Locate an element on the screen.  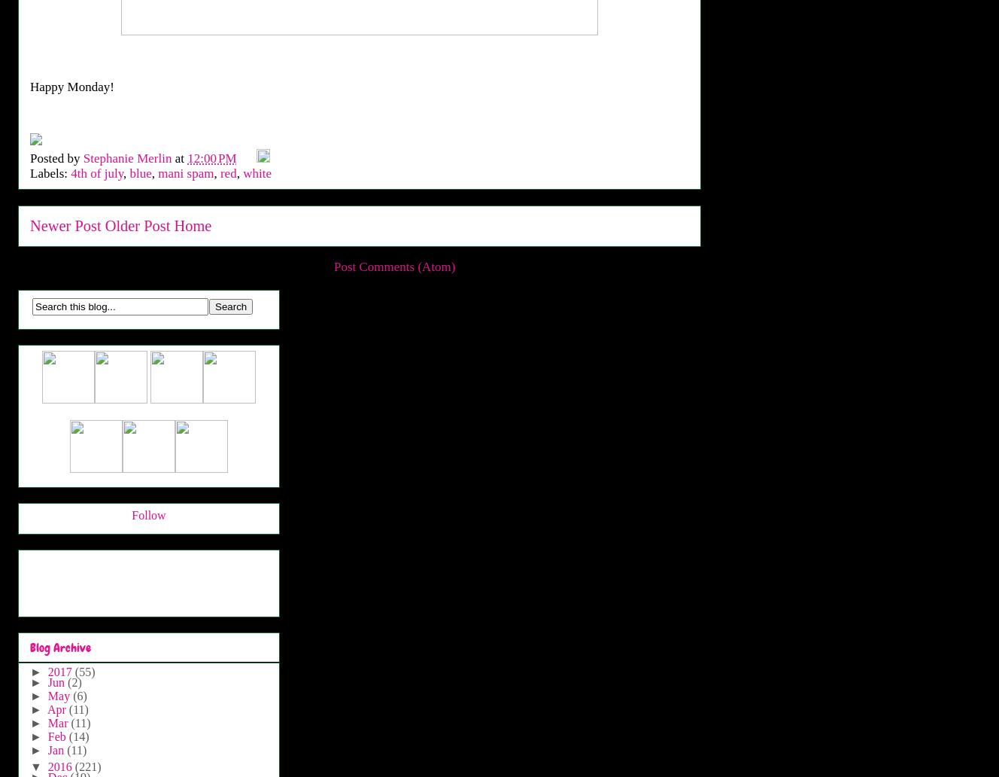
'2017' is located at coordinates (61, 672).